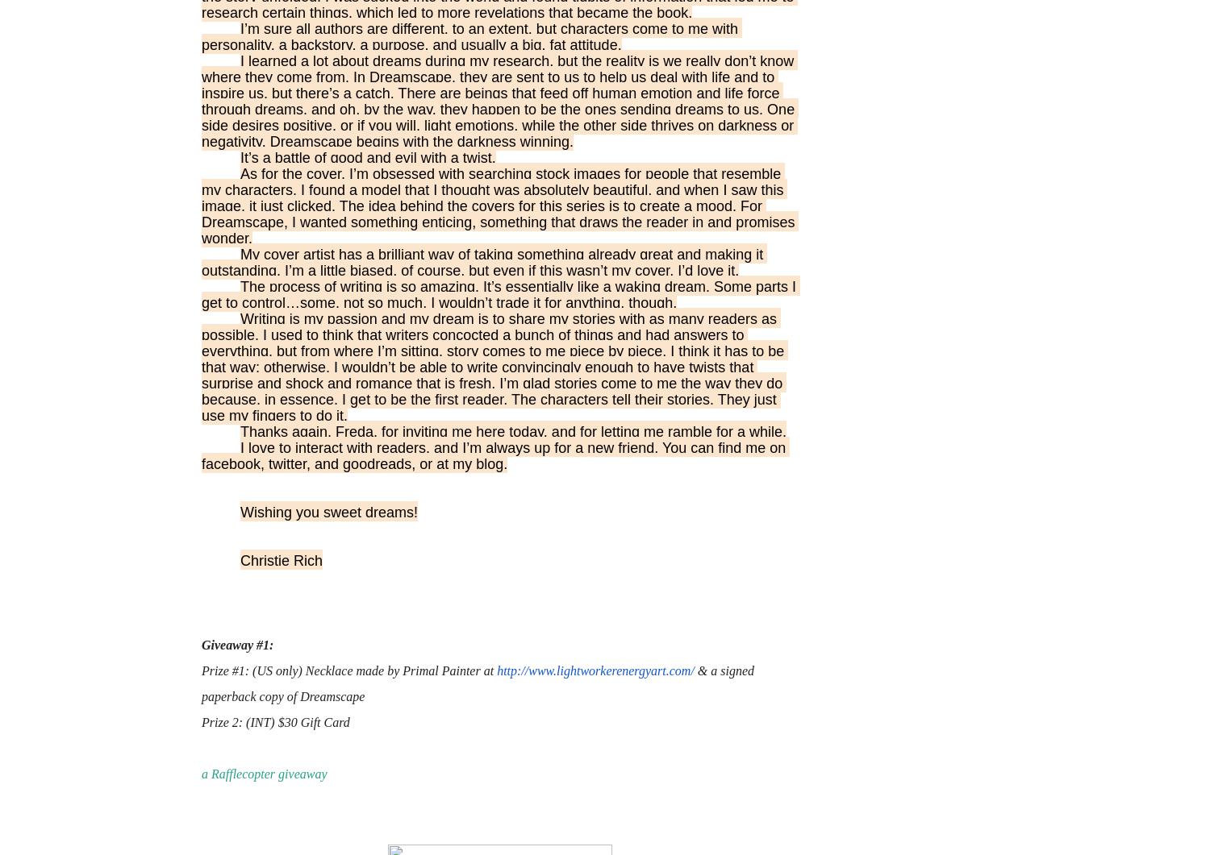 The width and height of the screenshot is (1210, 855). What do you see at coordinates (477, 683) in the screenshot?
I see `'& a signed paperback copy of Dreamscape'` at bounding box center [477, 683].